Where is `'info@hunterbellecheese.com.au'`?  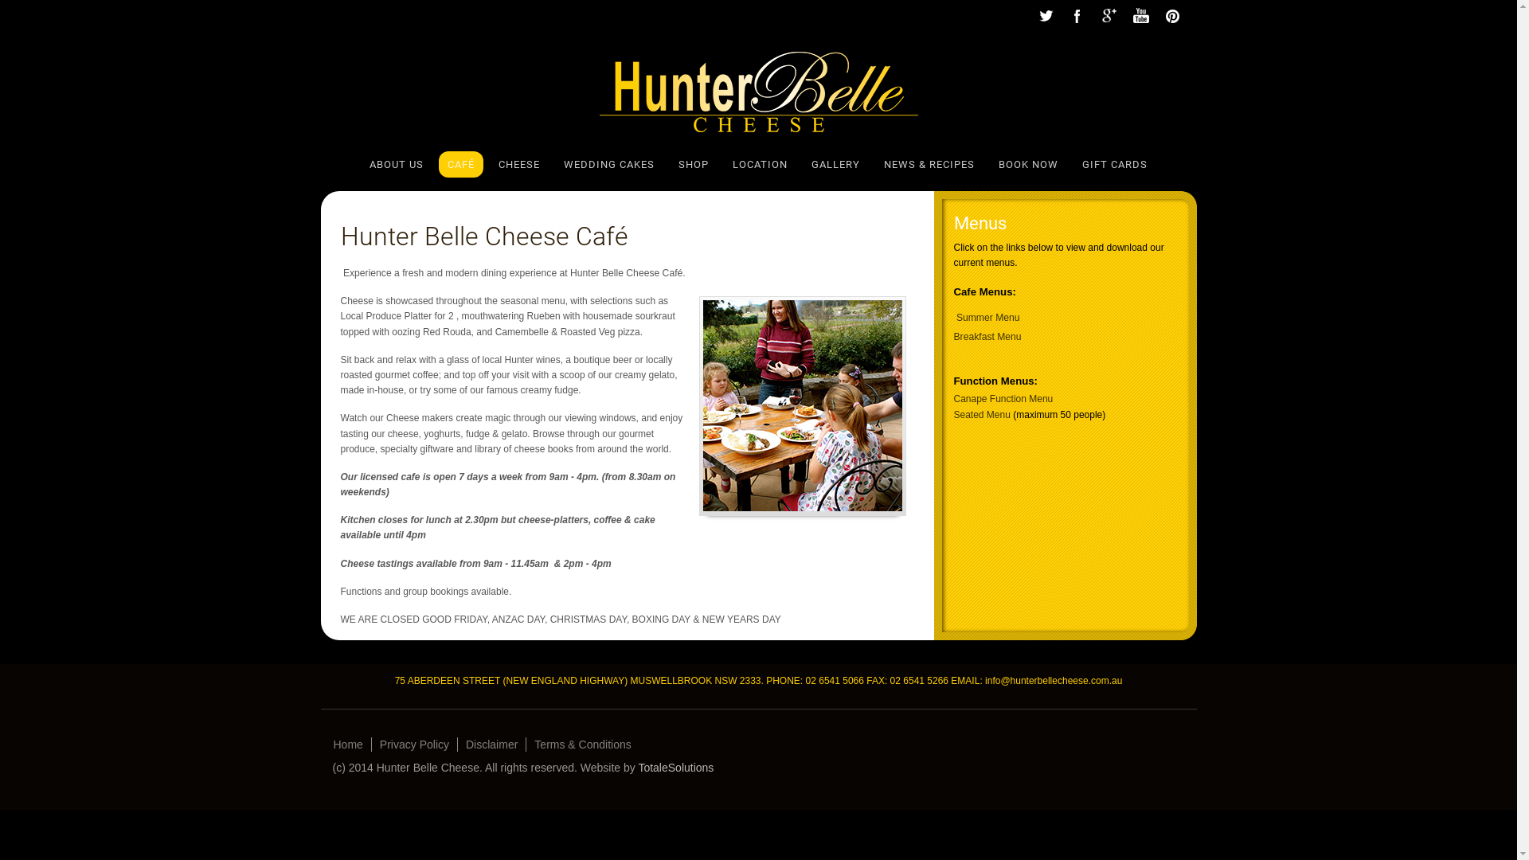
'info@hunterbellecheese.com.au' is located at coordinates (1054, 681).